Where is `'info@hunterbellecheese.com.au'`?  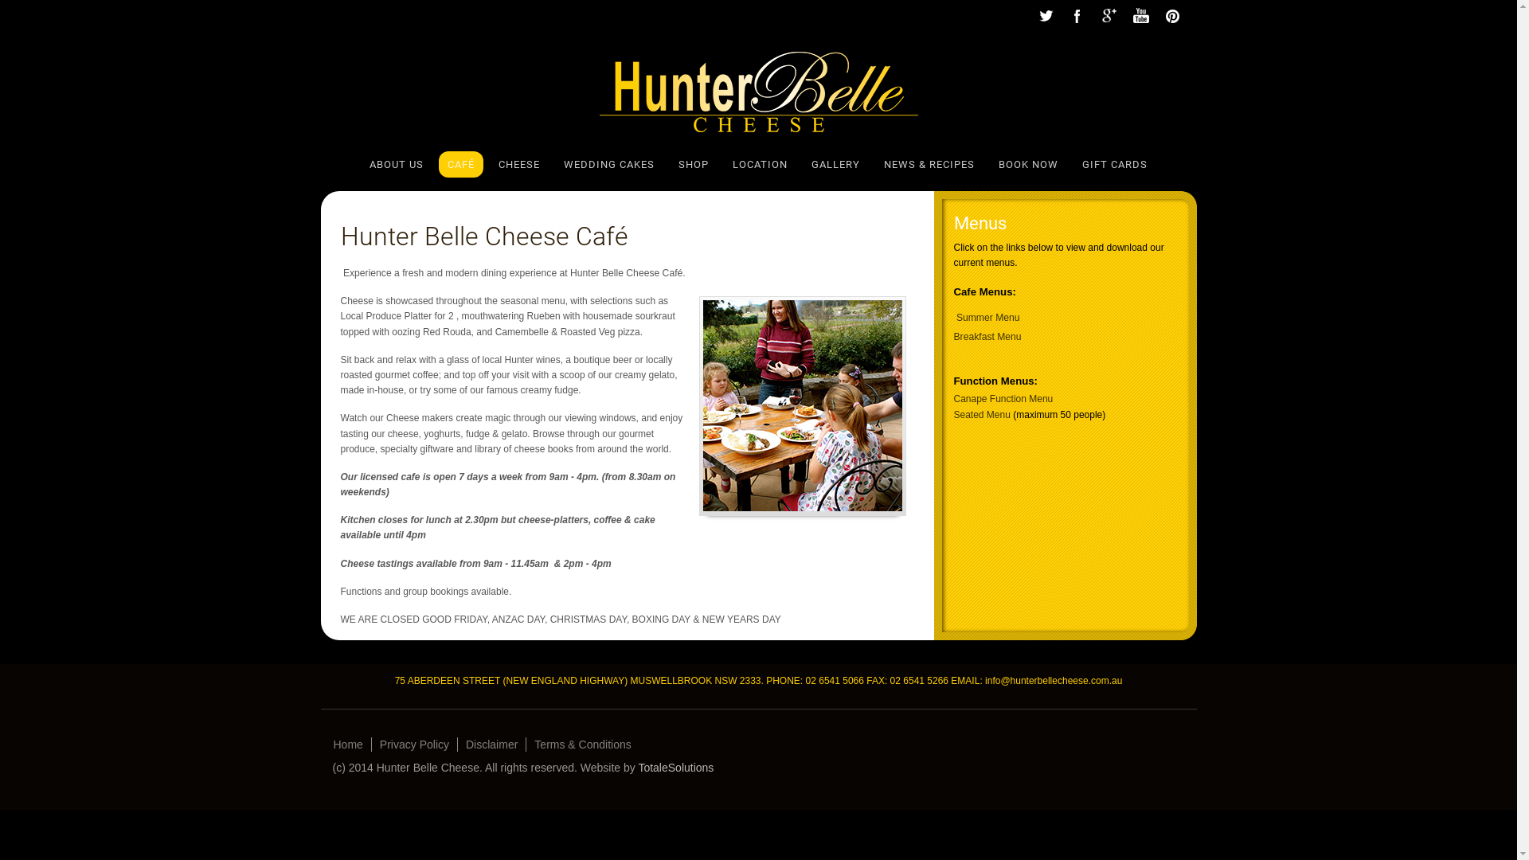
'info@hunterbellecheese.com.au' is located at coordinates (1054, 681).